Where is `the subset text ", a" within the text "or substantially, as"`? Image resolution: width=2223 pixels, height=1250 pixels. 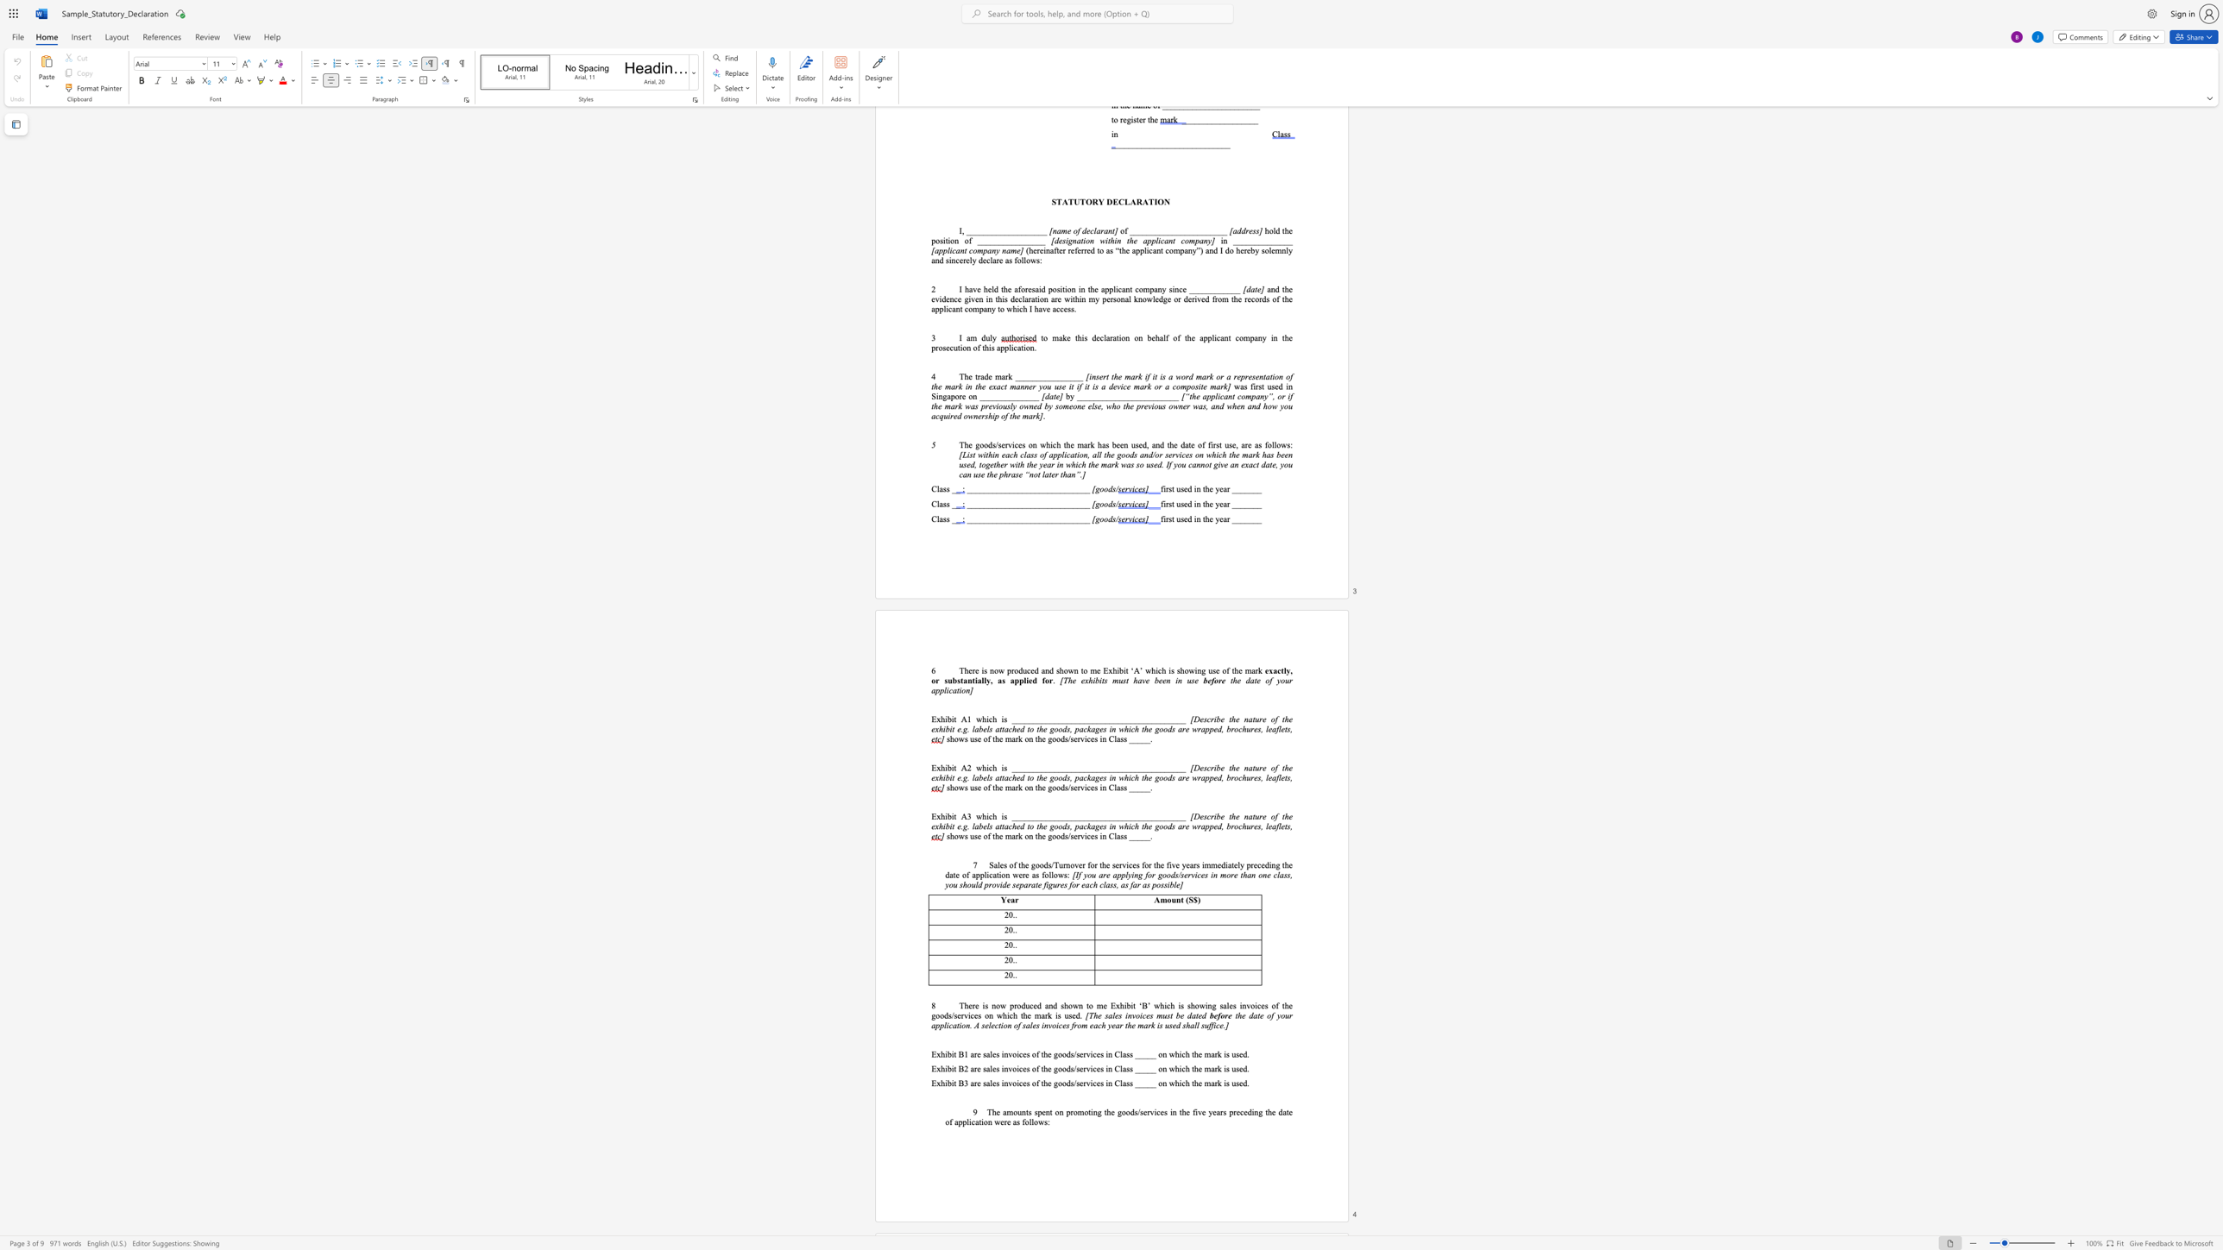
the subset text ", a" within the text "or substantially, as" is located at coordinates (989, 679).